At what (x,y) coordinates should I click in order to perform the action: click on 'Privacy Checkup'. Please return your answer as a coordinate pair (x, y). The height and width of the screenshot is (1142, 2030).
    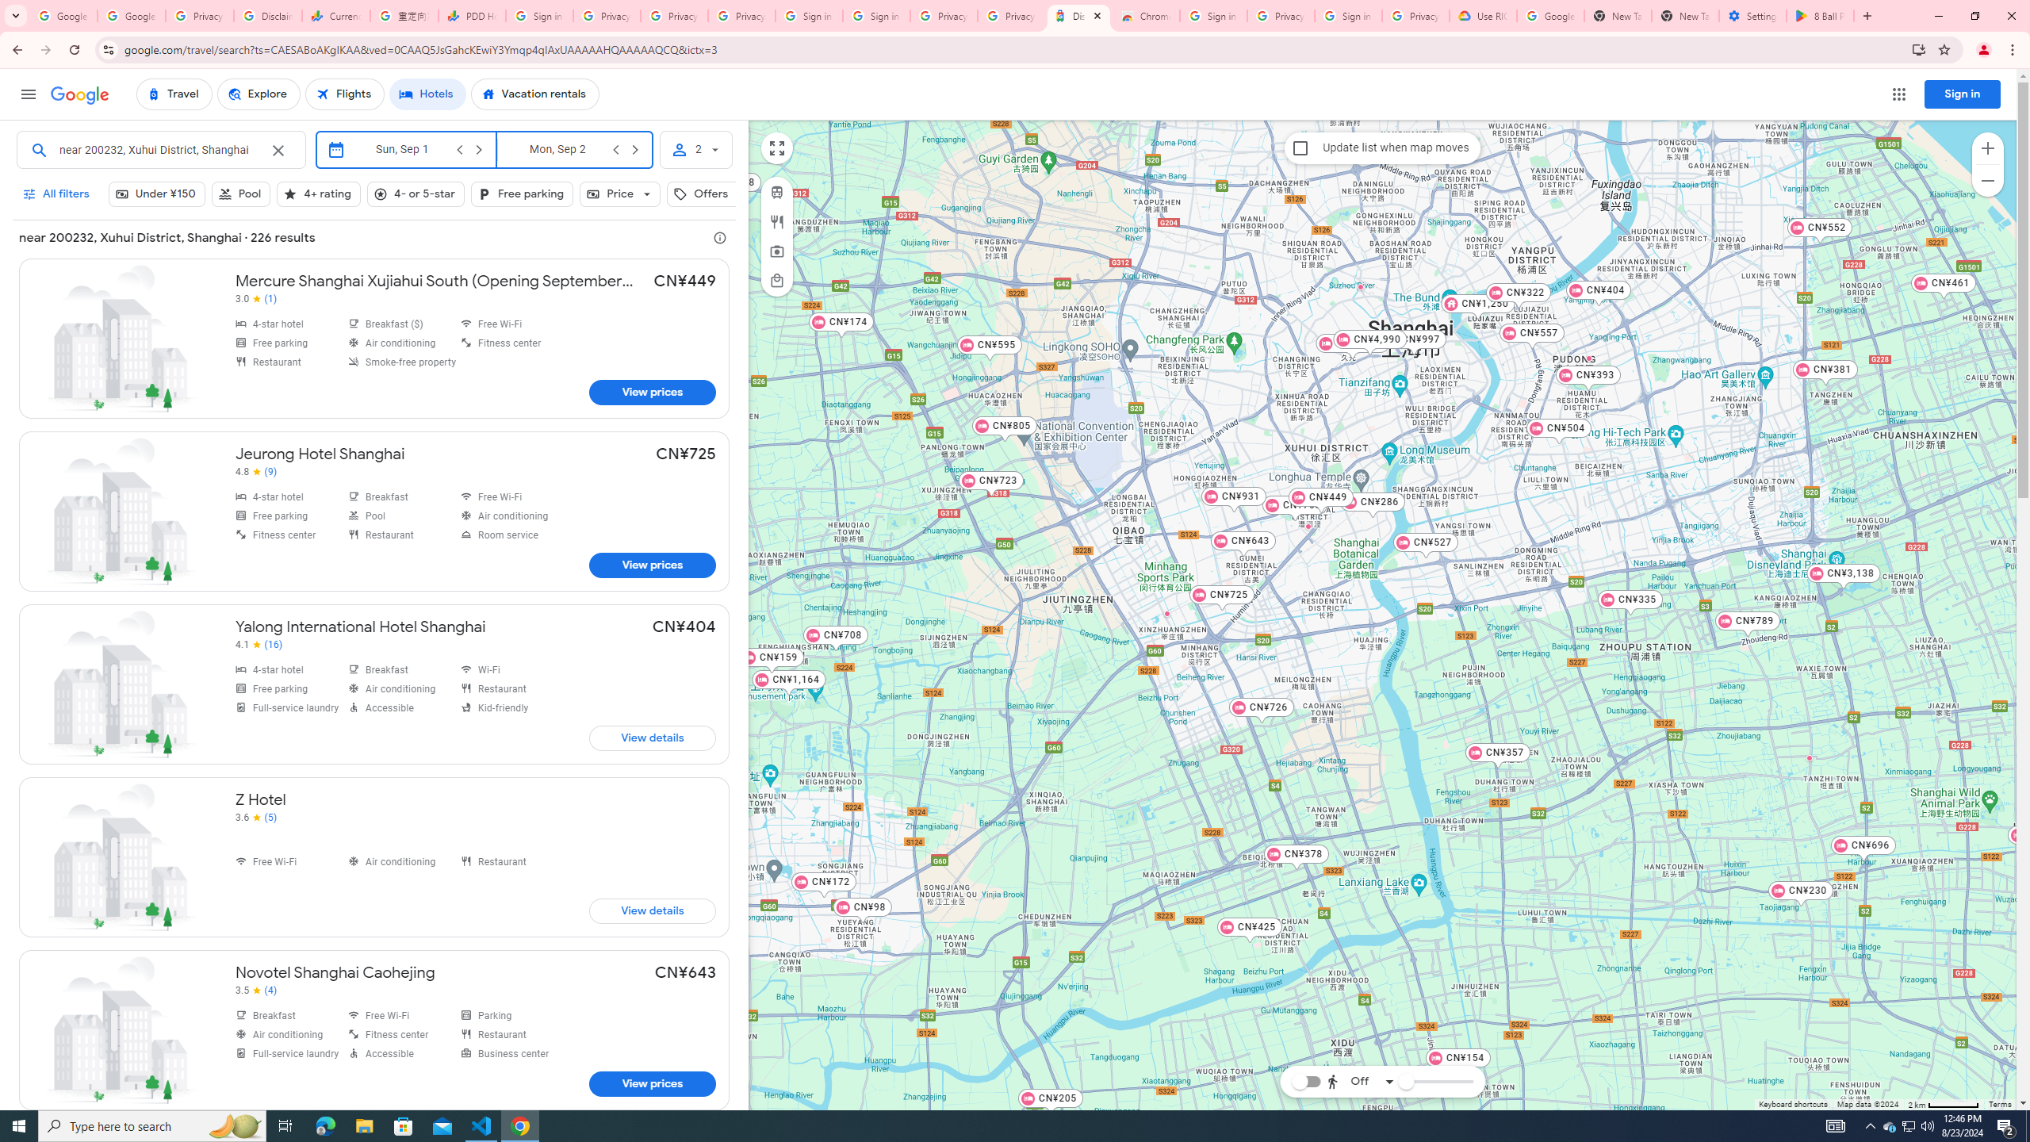
    Looking at the image, I should click on (741, 15).